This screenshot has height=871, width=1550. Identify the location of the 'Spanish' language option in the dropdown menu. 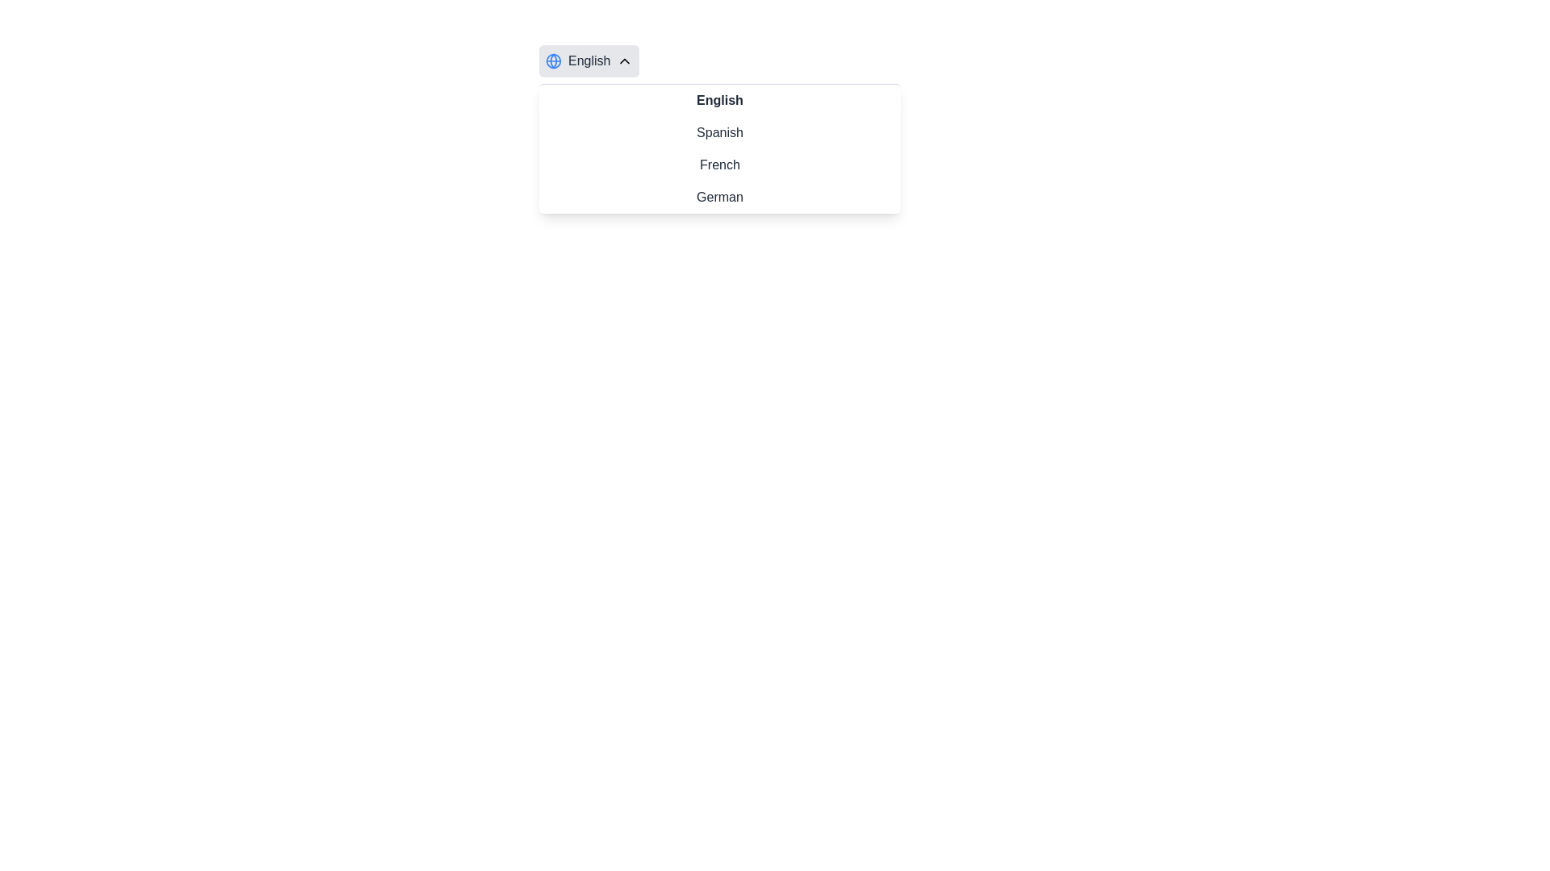
(719, 128).